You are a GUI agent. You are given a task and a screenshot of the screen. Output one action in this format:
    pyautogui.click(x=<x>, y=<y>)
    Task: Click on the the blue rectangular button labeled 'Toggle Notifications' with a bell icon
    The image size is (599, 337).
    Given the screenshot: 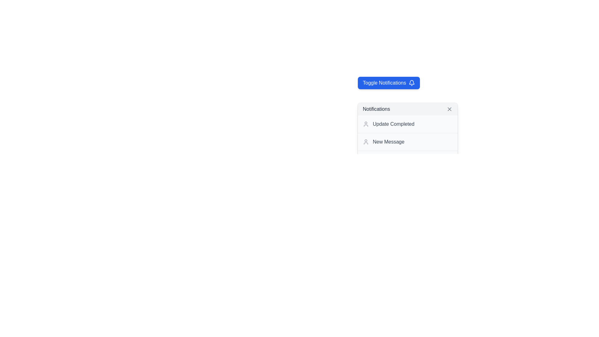 What is the action you would take?
    pyautogui.click(x=388, y=83)
    